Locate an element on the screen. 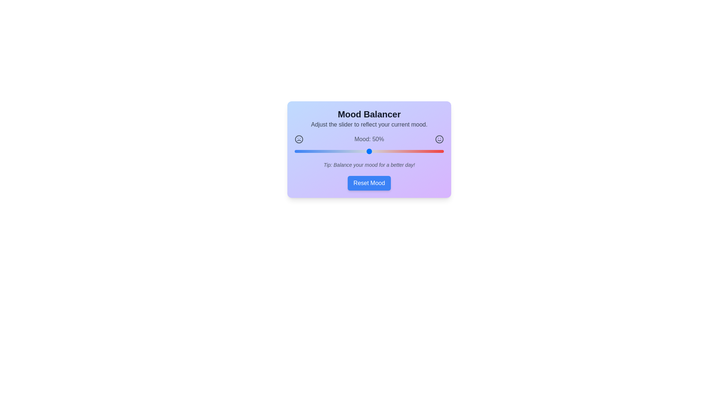 This screenshot has height=395, width=702. the mood slider to 61% is located at coordinates (385, 151).